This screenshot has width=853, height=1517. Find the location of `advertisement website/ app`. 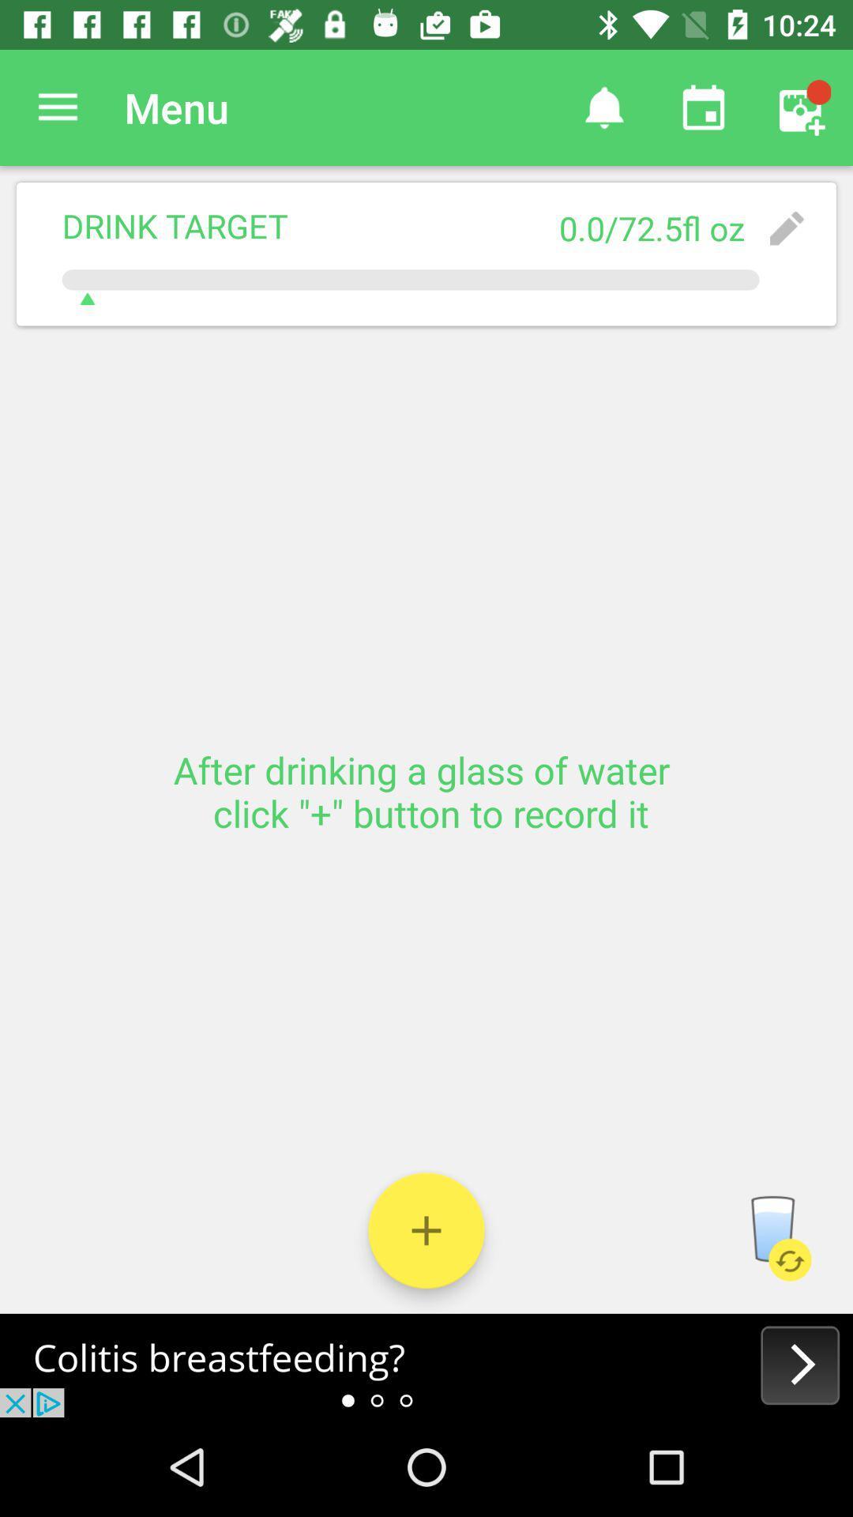

advertisement website/ app is located at coordinates (426, 1365).